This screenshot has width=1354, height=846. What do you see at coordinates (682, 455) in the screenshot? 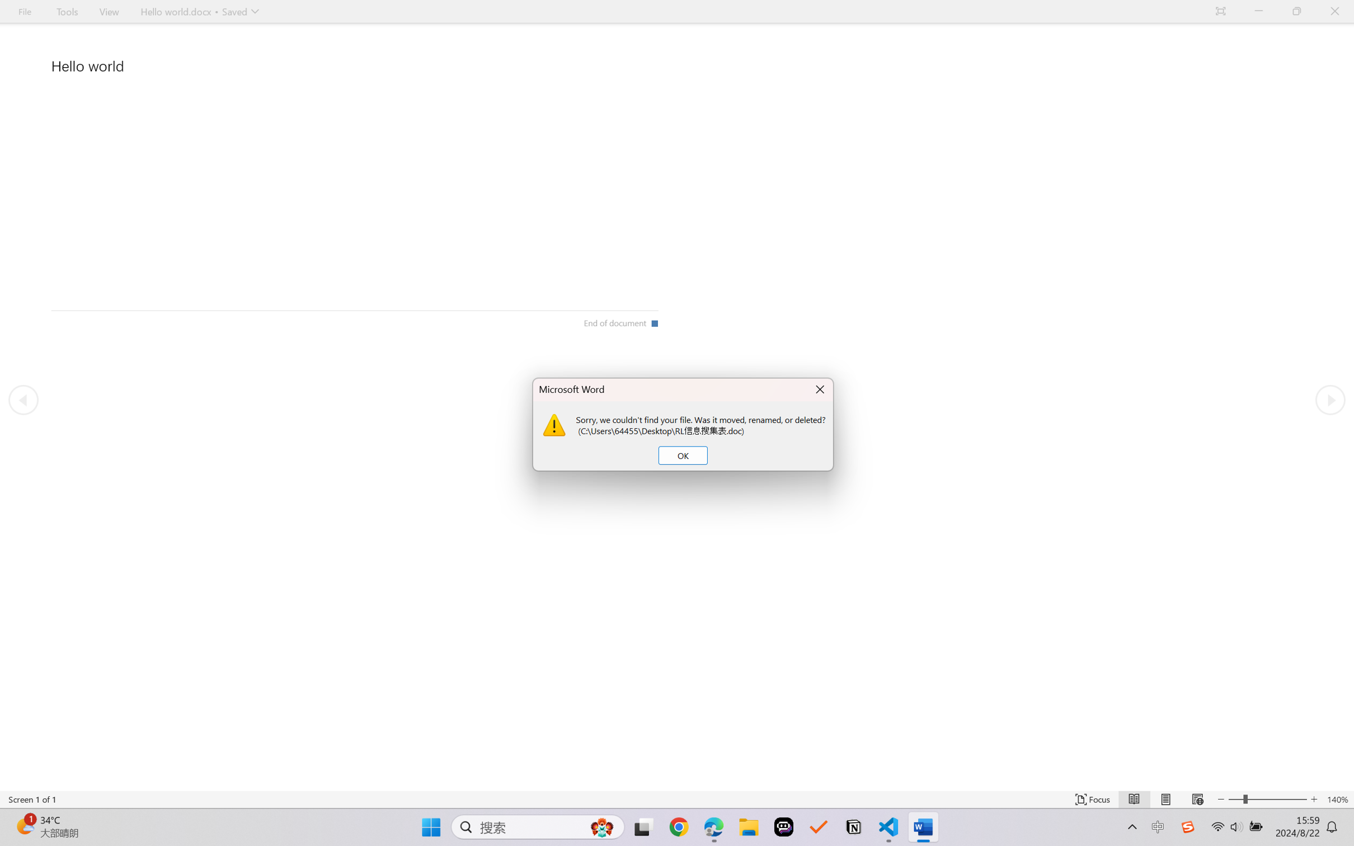
I see `'OK'` at bounding box center [682, 455].